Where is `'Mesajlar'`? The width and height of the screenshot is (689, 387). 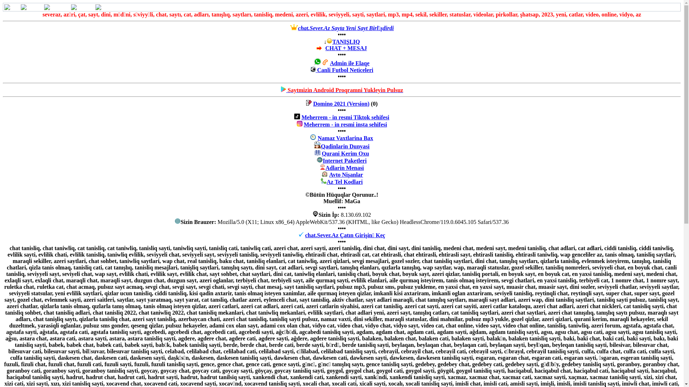 'Mesajlar' is located at coordinates (20, 7).